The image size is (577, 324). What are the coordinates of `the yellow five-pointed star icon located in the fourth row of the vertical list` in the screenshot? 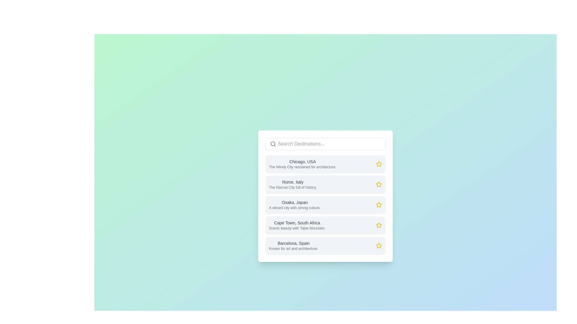 It's located at (378, 225).